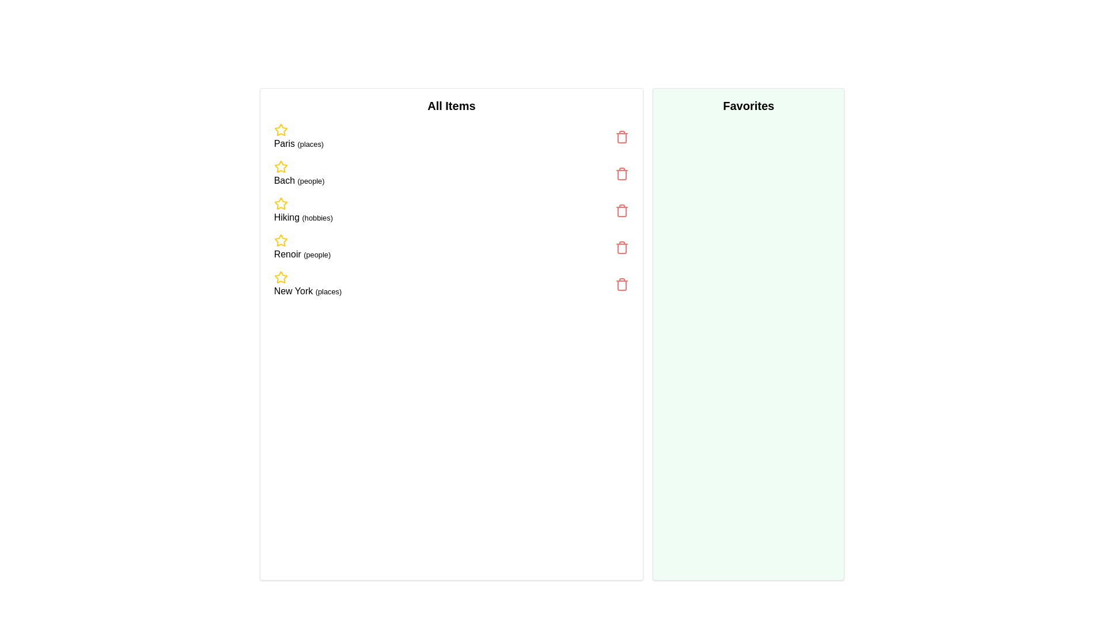  What do you see at coordinates (622, 211) in the screenshot?
I see `the trash icon next to the item labeled 'Hiking (hobbies)' to remove it from the list` at bounding box center [622, 211].